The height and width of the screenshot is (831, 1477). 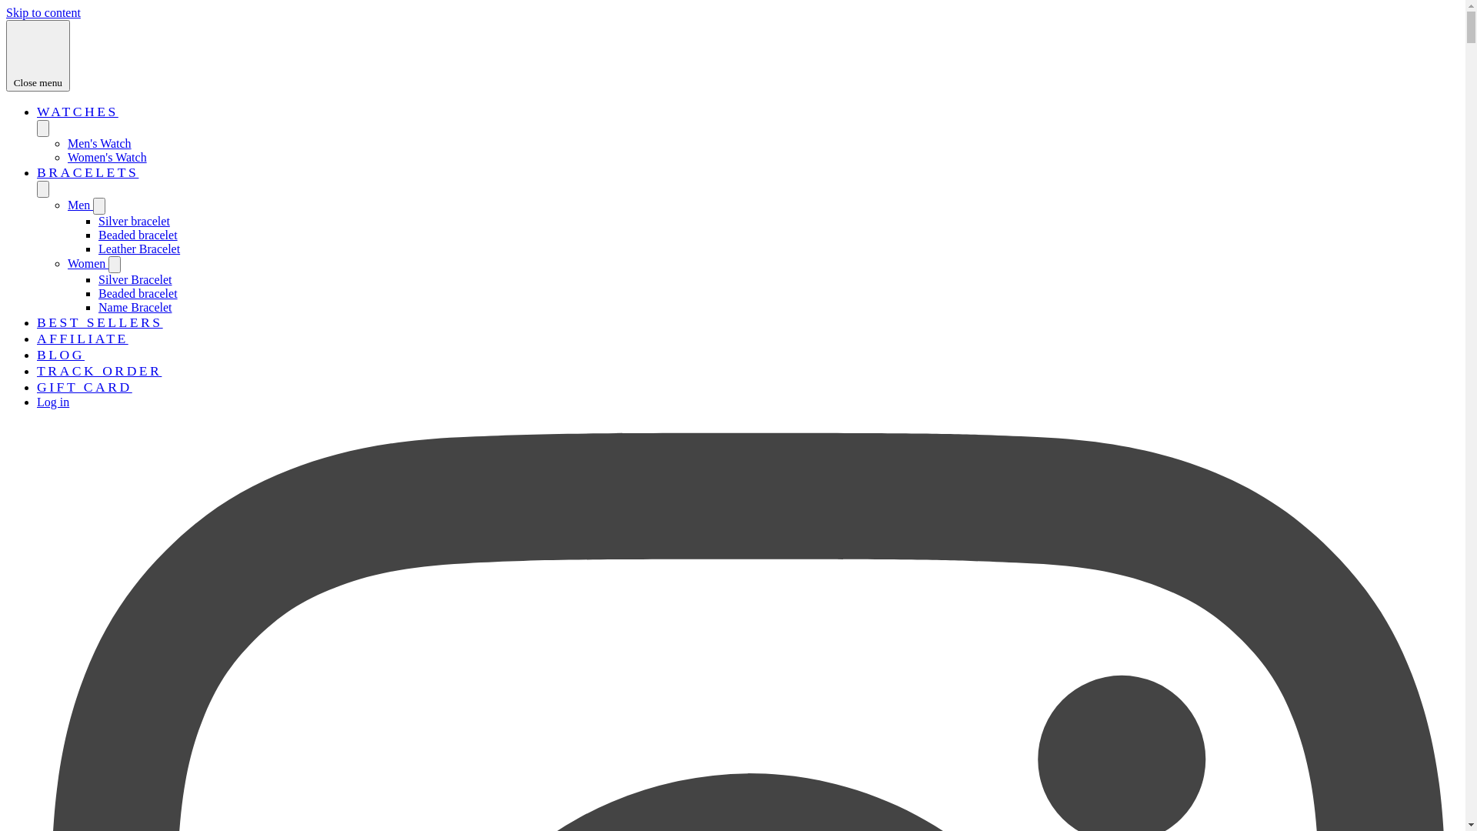 I want to click on 'Women', so click(x=87, y=262).